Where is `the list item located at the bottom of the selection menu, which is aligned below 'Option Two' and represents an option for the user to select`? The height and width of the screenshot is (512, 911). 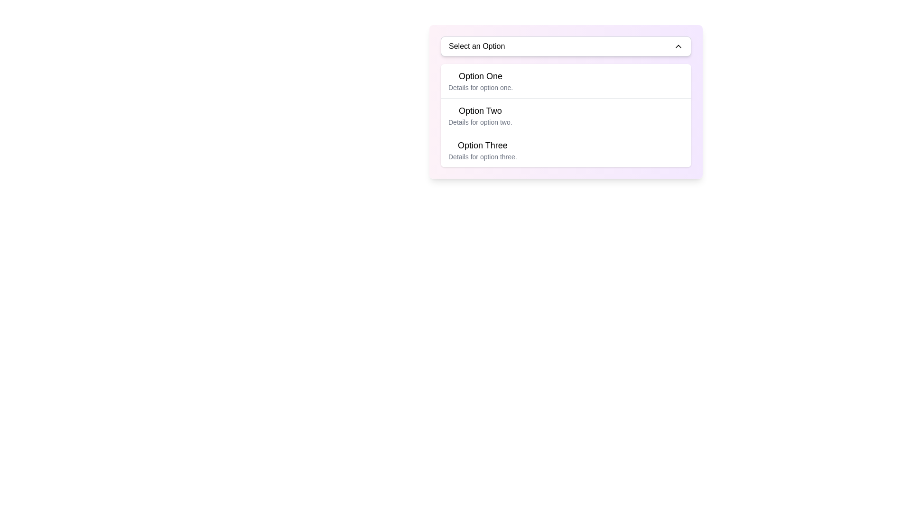
the list item located at the bottom of the selection menu, which is aligned below 'Option Two' and represents an option for the user to select is located at coordinates (566, 149).